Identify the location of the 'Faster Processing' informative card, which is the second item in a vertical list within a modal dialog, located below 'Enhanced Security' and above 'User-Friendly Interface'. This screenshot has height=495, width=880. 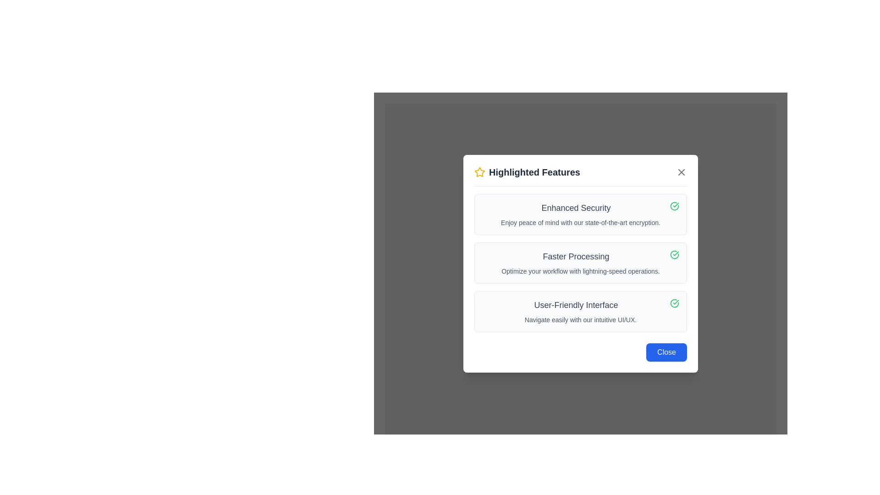
(580, 263).